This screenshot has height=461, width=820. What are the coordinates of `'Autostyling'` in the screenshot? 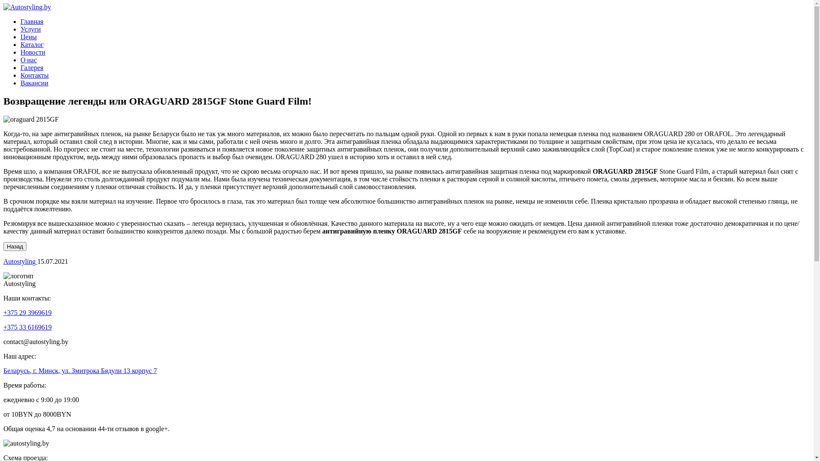 It's located at (3, 261).